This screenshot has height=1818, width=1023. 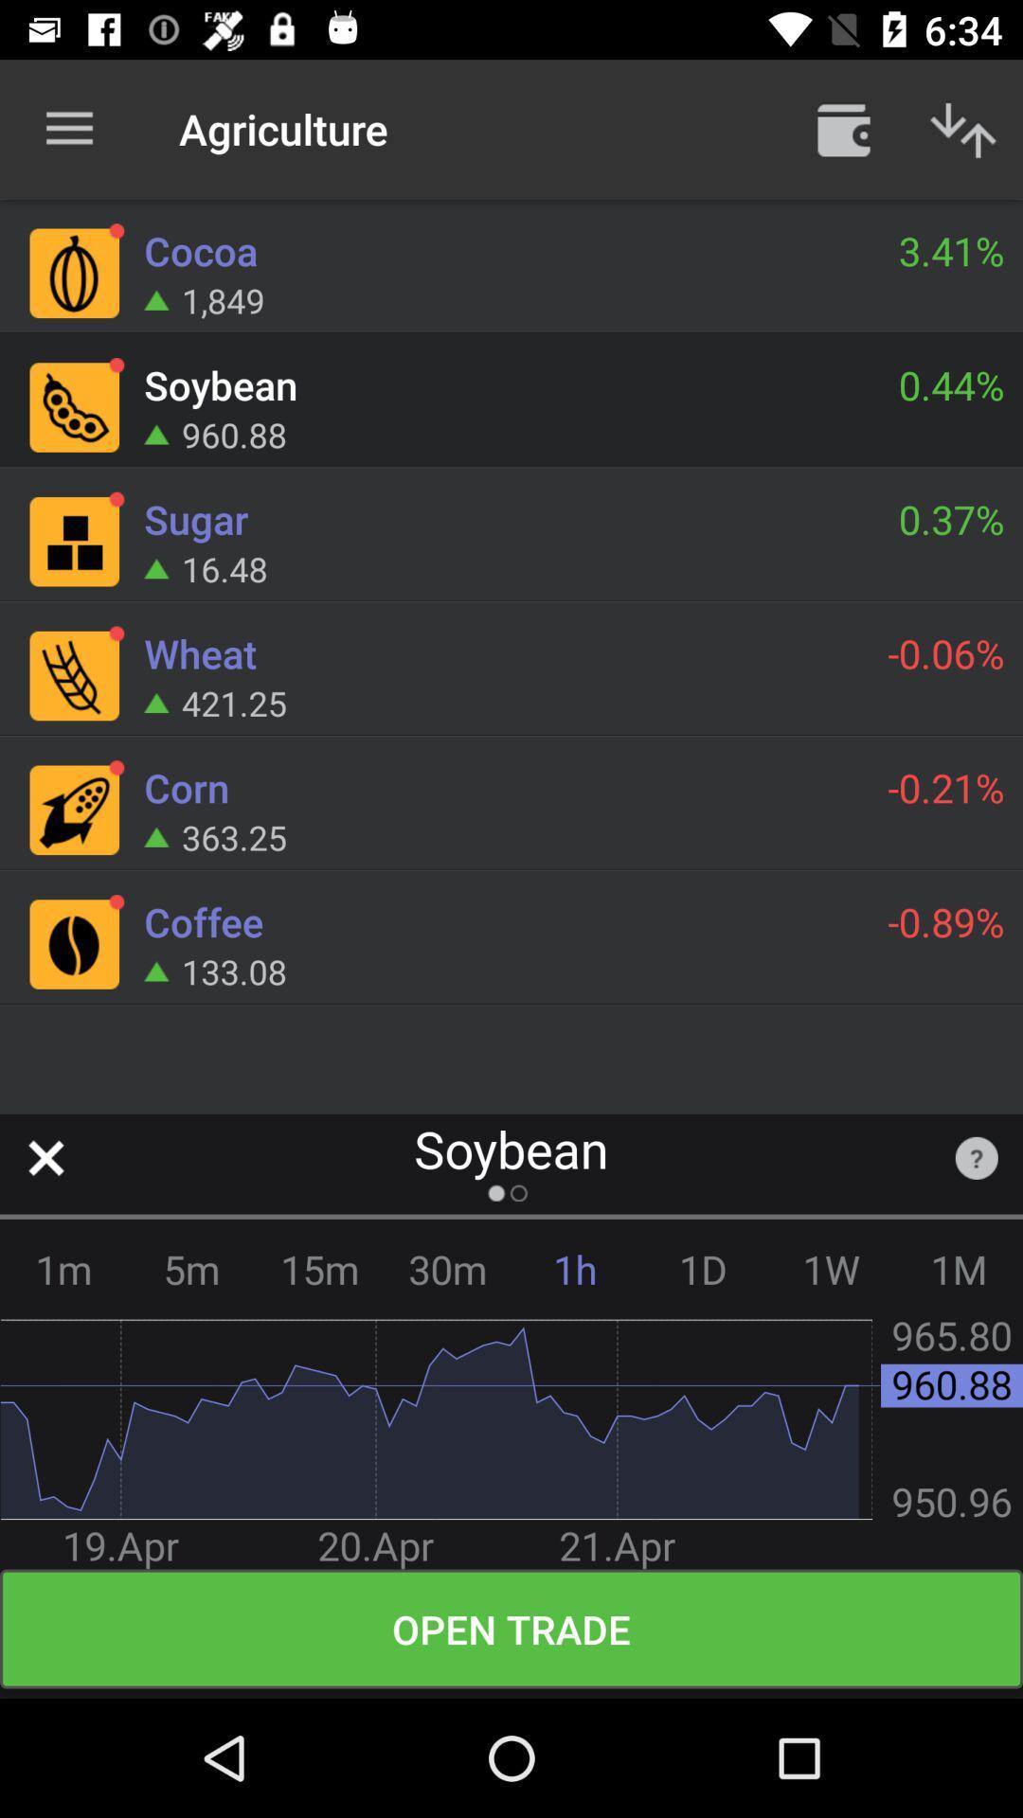 I want to click on close, so click(x=45, y=1157).